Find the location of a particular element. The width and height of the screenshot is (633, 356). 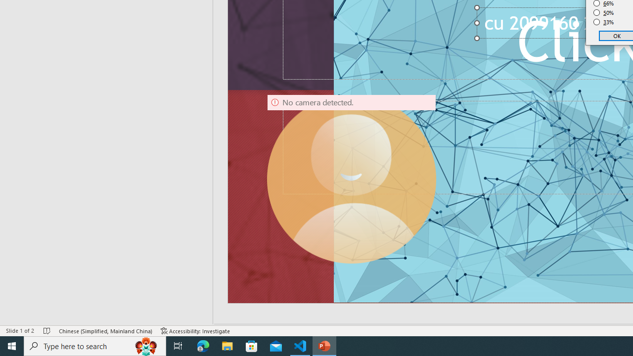

'Search highlights icon opens search home window' is located at coordinates (145, 345).